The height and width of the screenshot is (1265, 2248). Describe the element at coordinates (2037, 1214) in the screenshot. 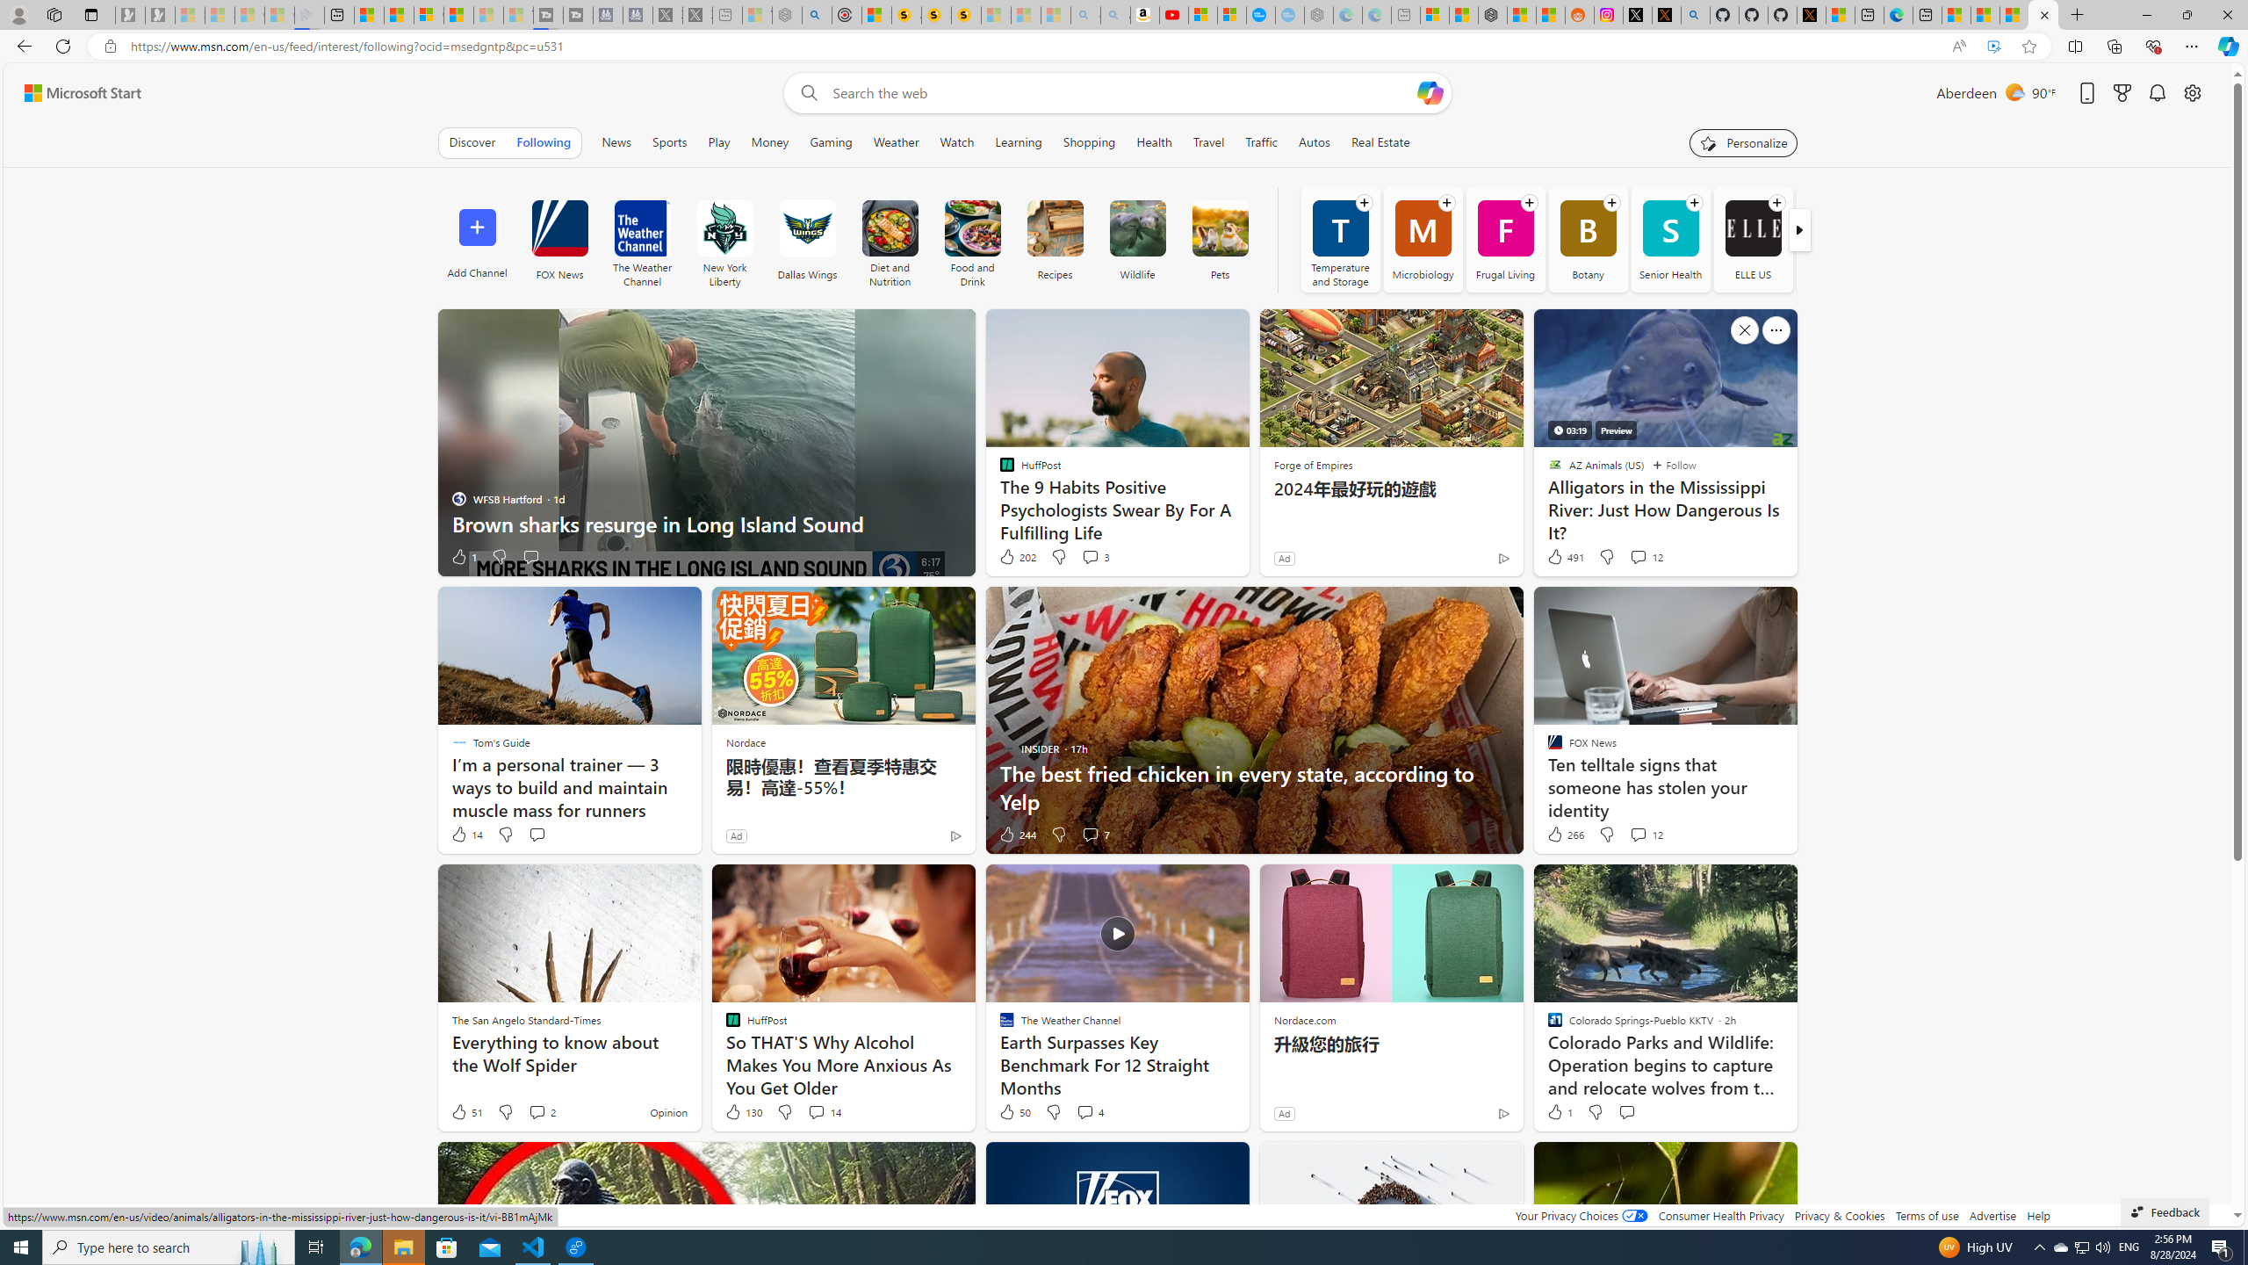

I see `'Help'` at that location.